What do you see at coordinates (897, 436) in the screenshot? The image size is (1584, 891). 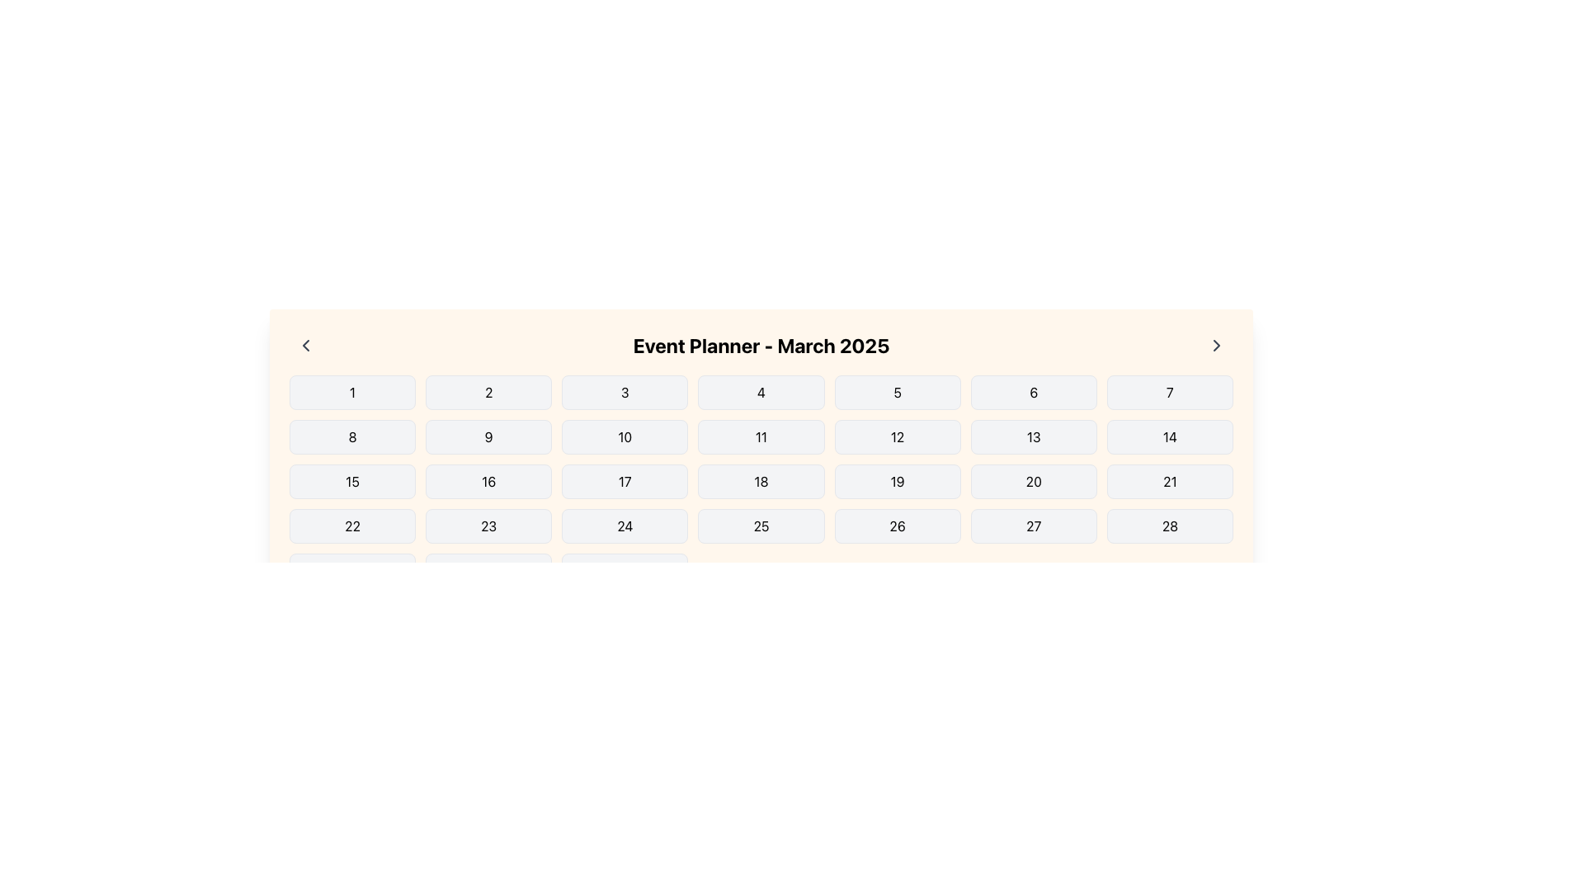 I see `the button displaying the number '12' in black text, which is part of the Event Planner calendar interface` at bounding box center [897, 436].